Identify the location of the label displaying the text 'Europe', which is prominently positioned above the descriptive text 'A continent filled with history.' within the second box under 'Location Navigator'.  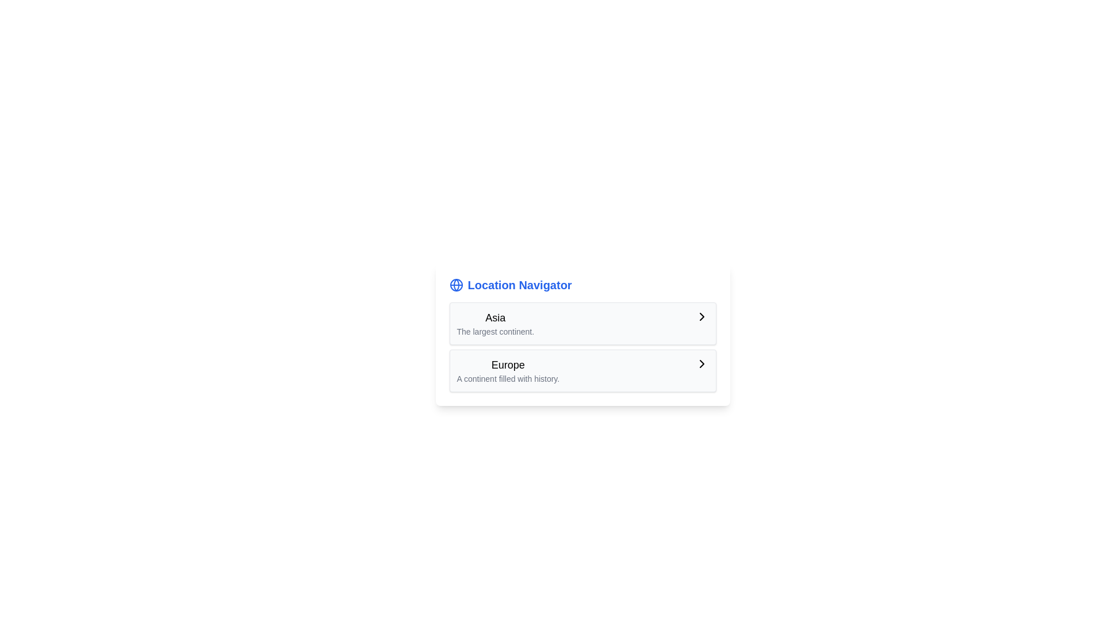
(507, 365).